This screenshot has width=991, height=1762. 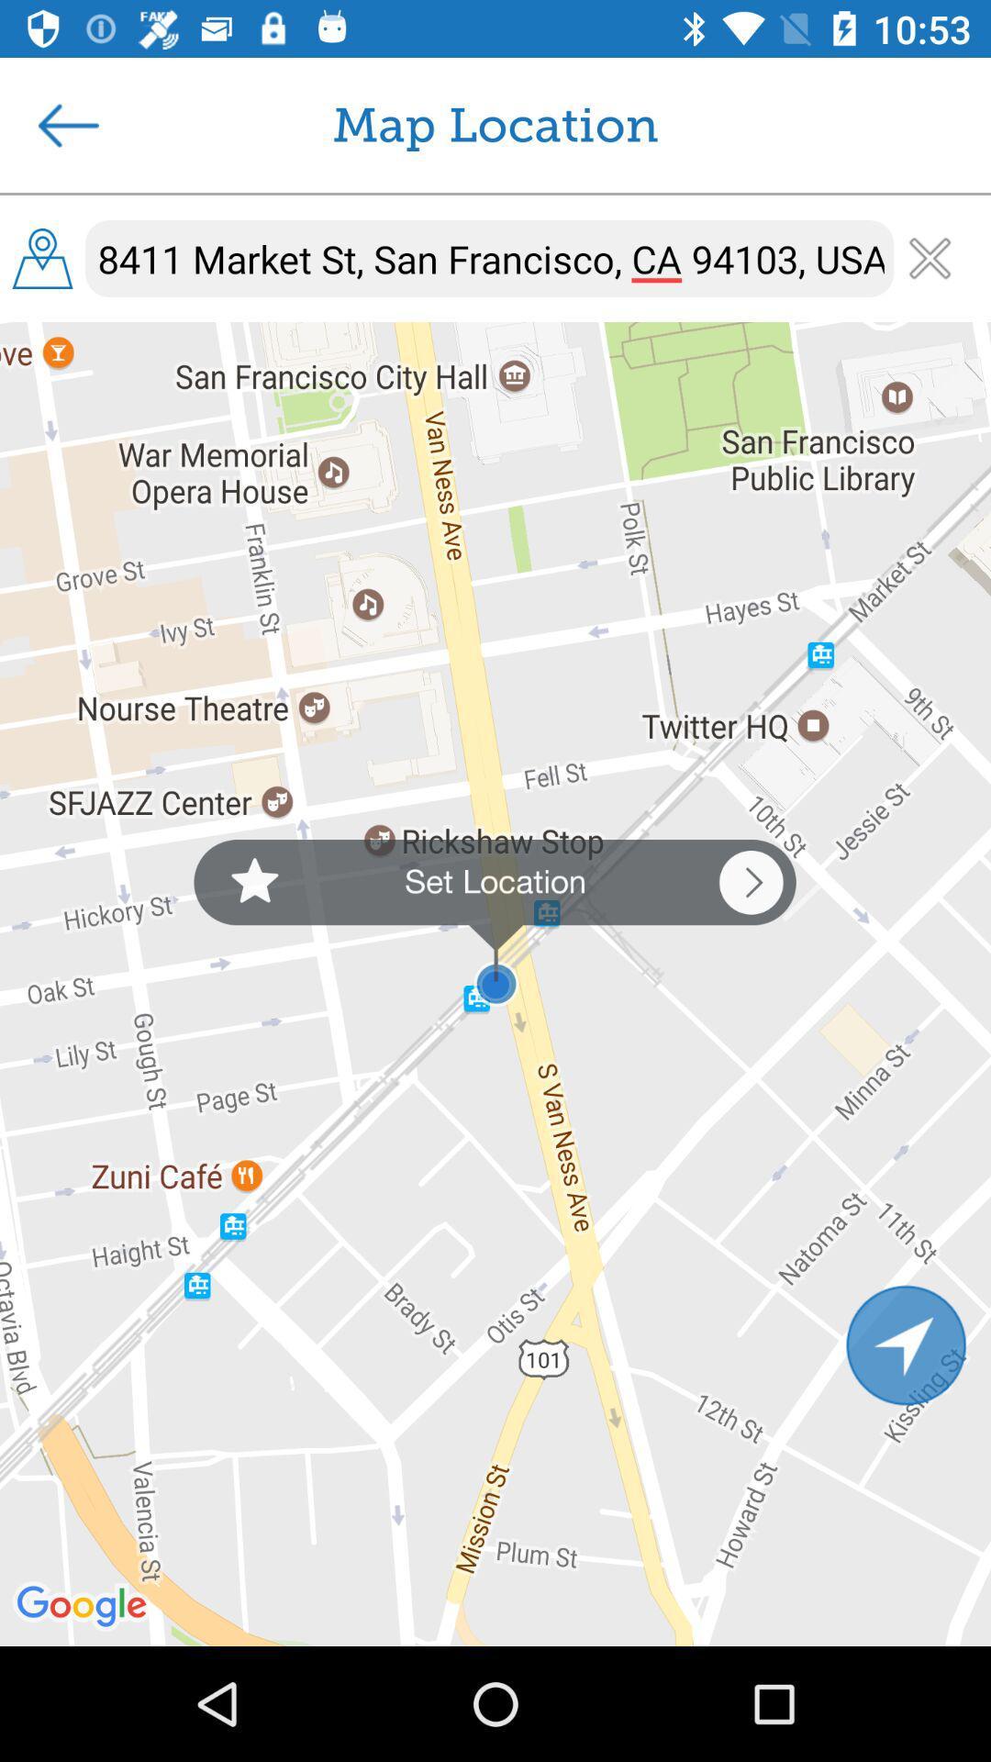 What do you see at coordinates (930, 257) in the screenshot?
I see `delete address` at bounding box center [930, 257].